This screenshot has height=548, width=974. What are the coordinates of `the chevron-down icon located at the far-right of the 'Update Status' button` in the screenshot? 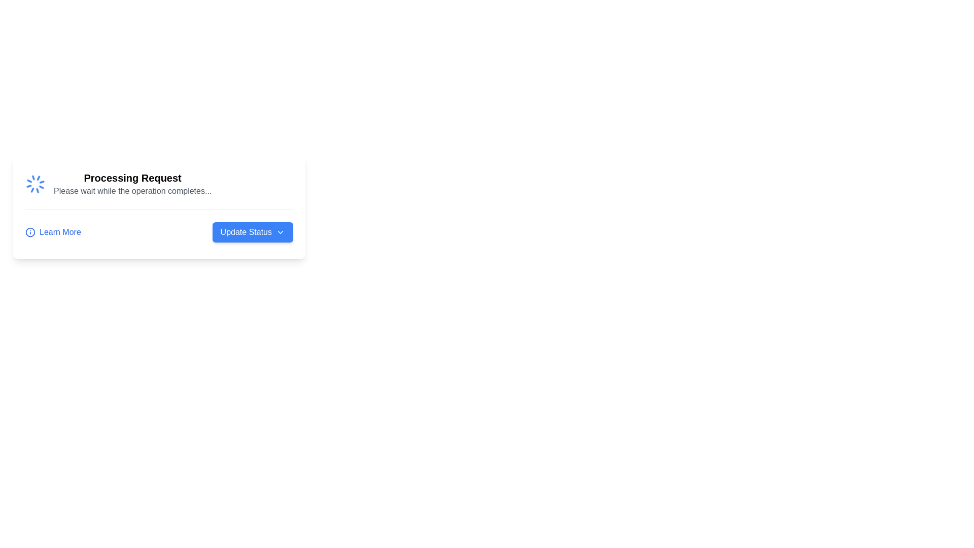 It's located at (280, 232).